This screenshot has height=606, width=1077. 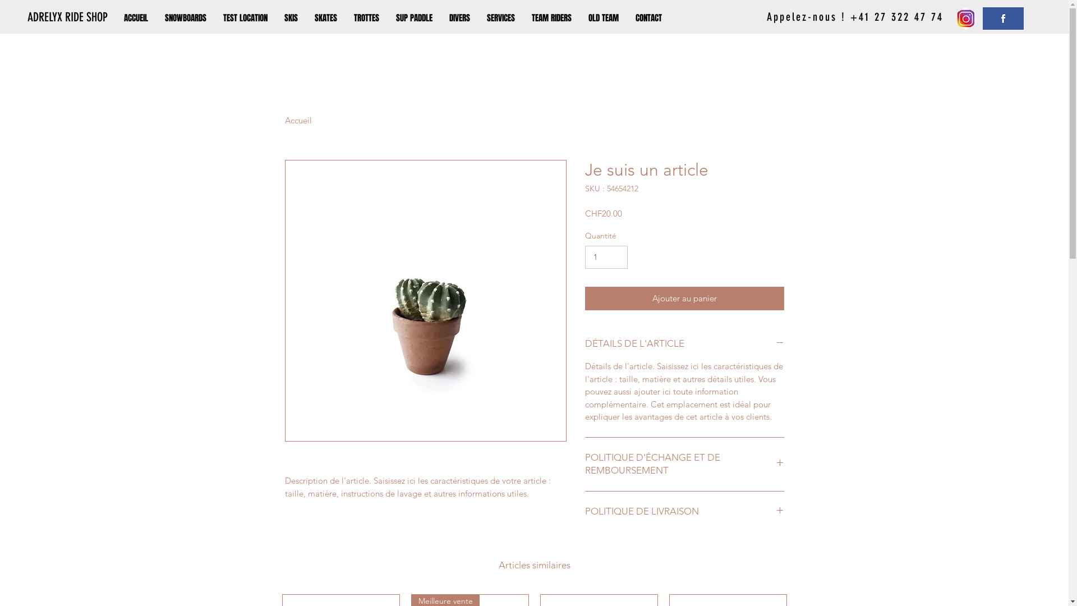 I want to click on 'OLD TEAM', so click(x=602, y=17).